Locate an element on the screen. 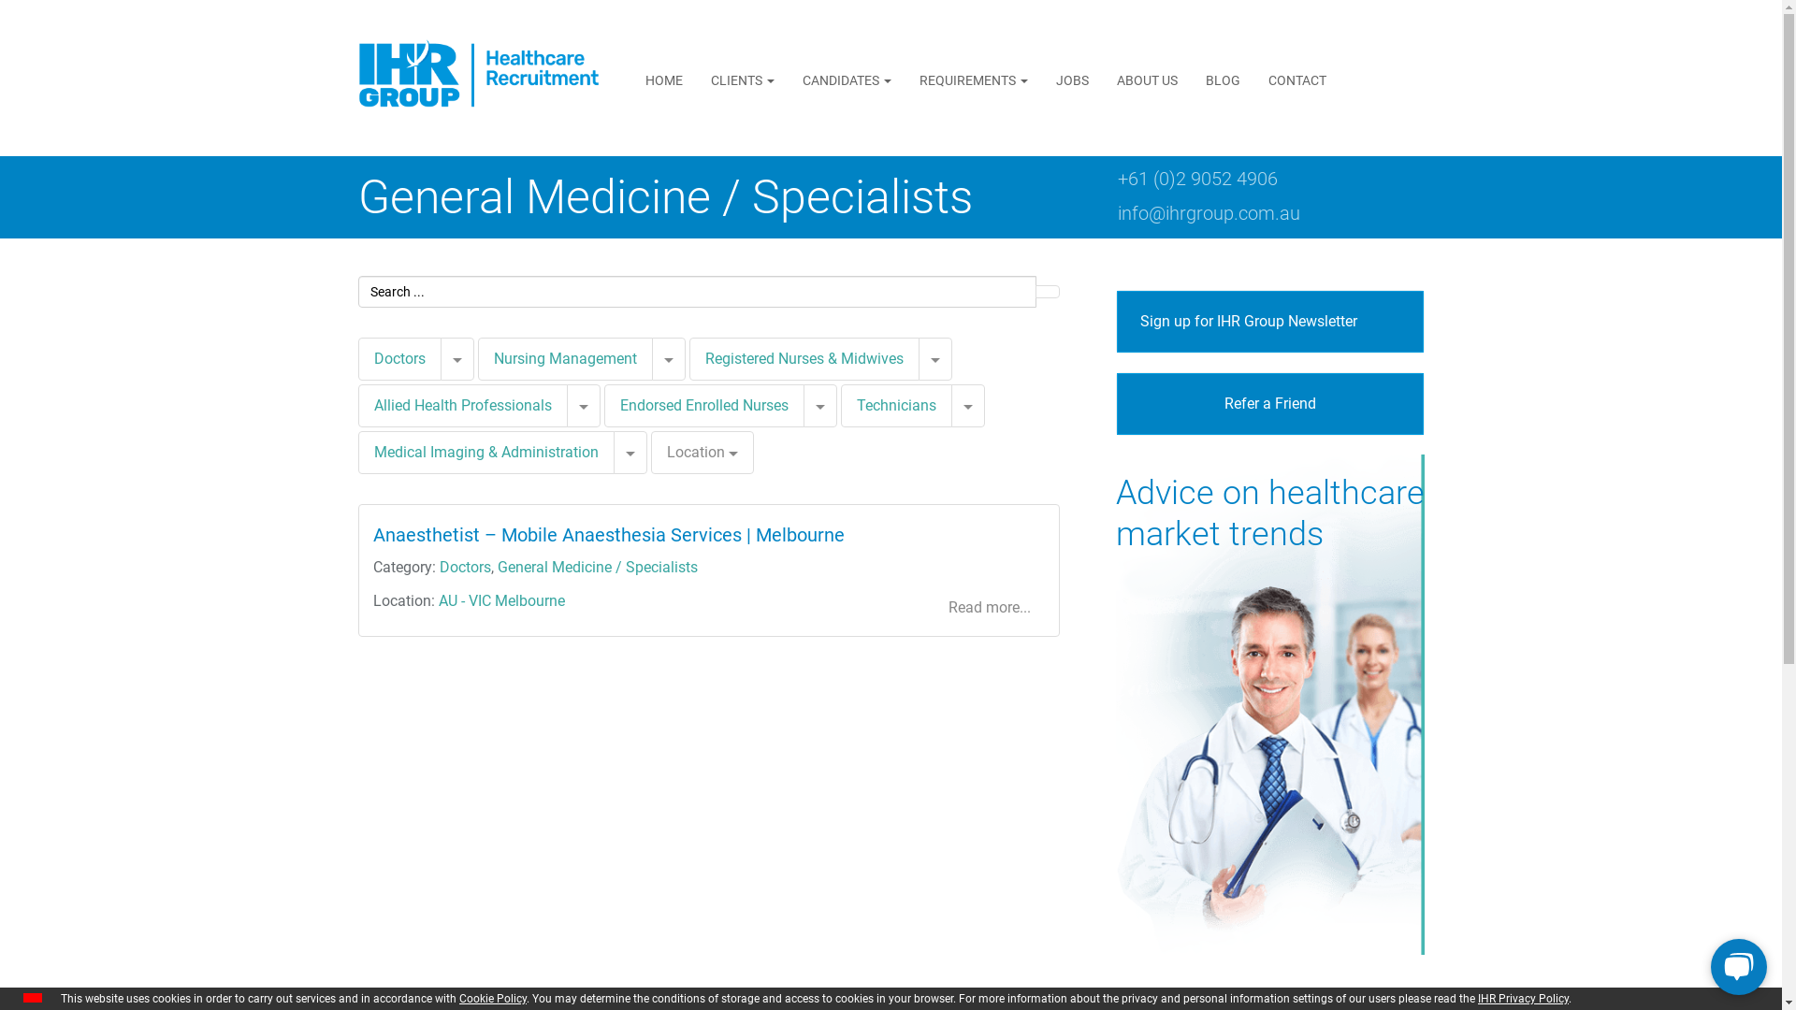  'Read more...' is located at coordinates (988, 608).